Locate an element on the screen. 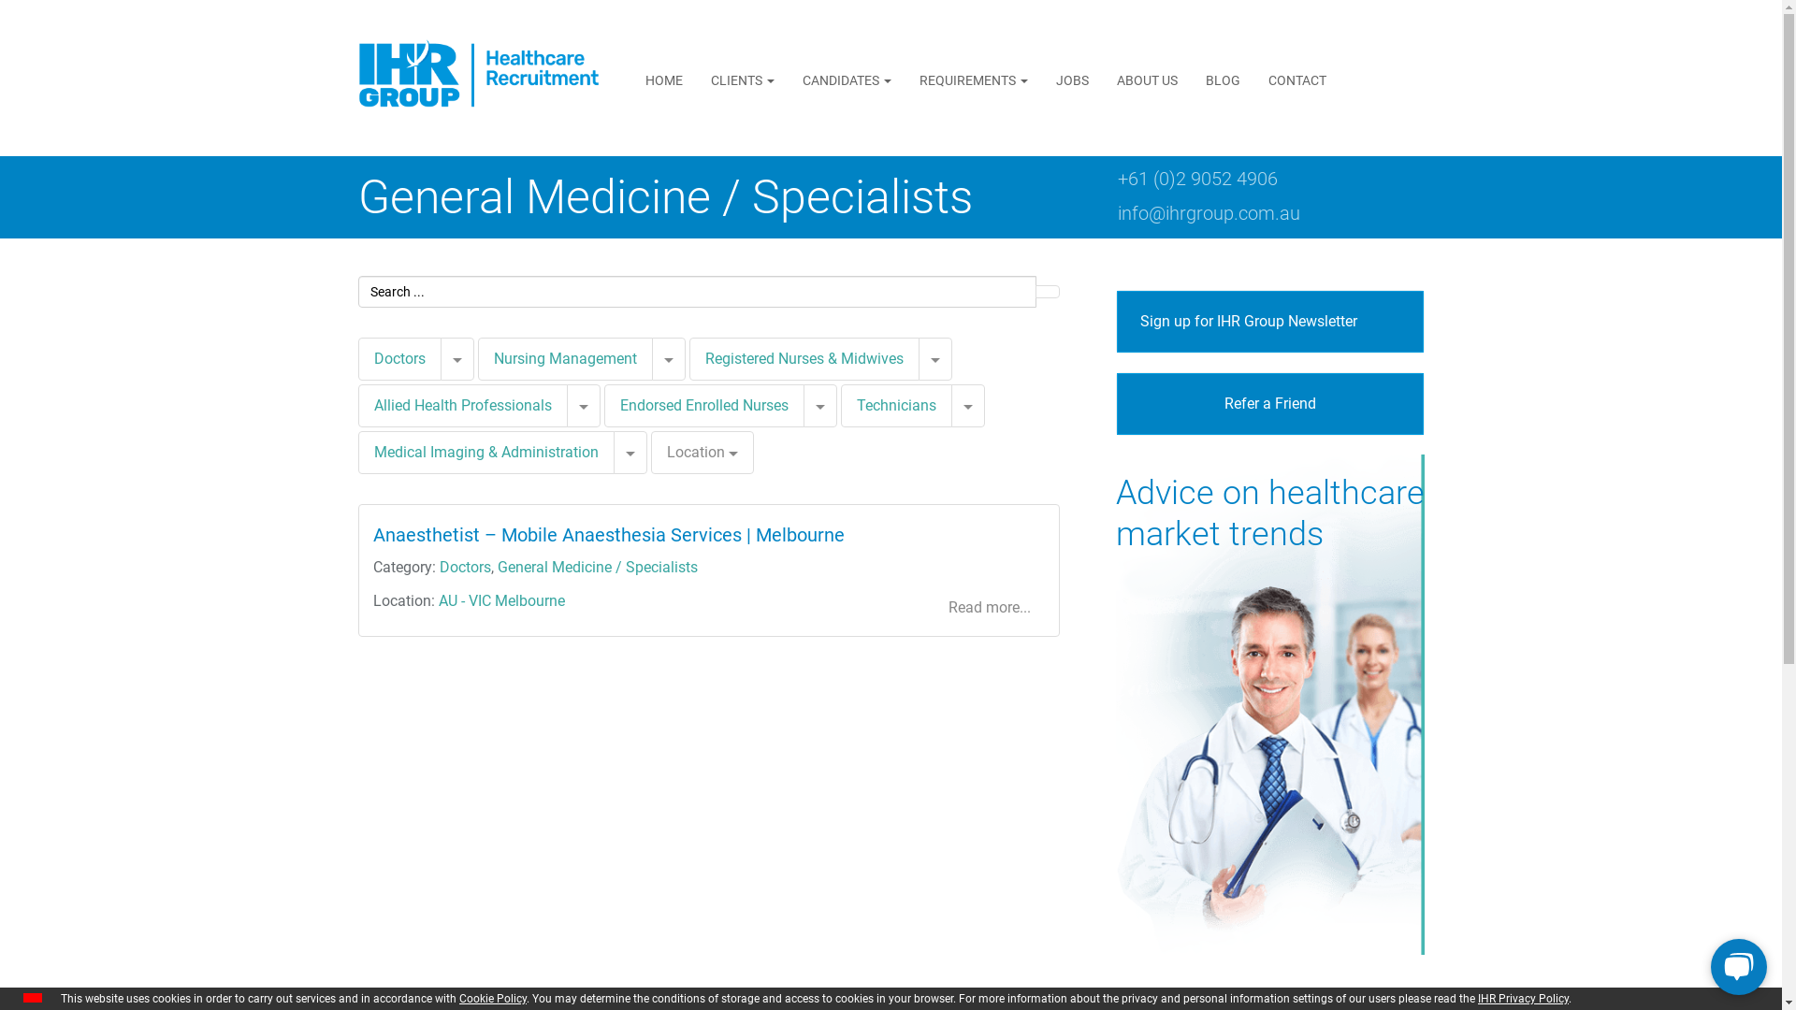  'Read more...' is located at coordinates (988, 608).